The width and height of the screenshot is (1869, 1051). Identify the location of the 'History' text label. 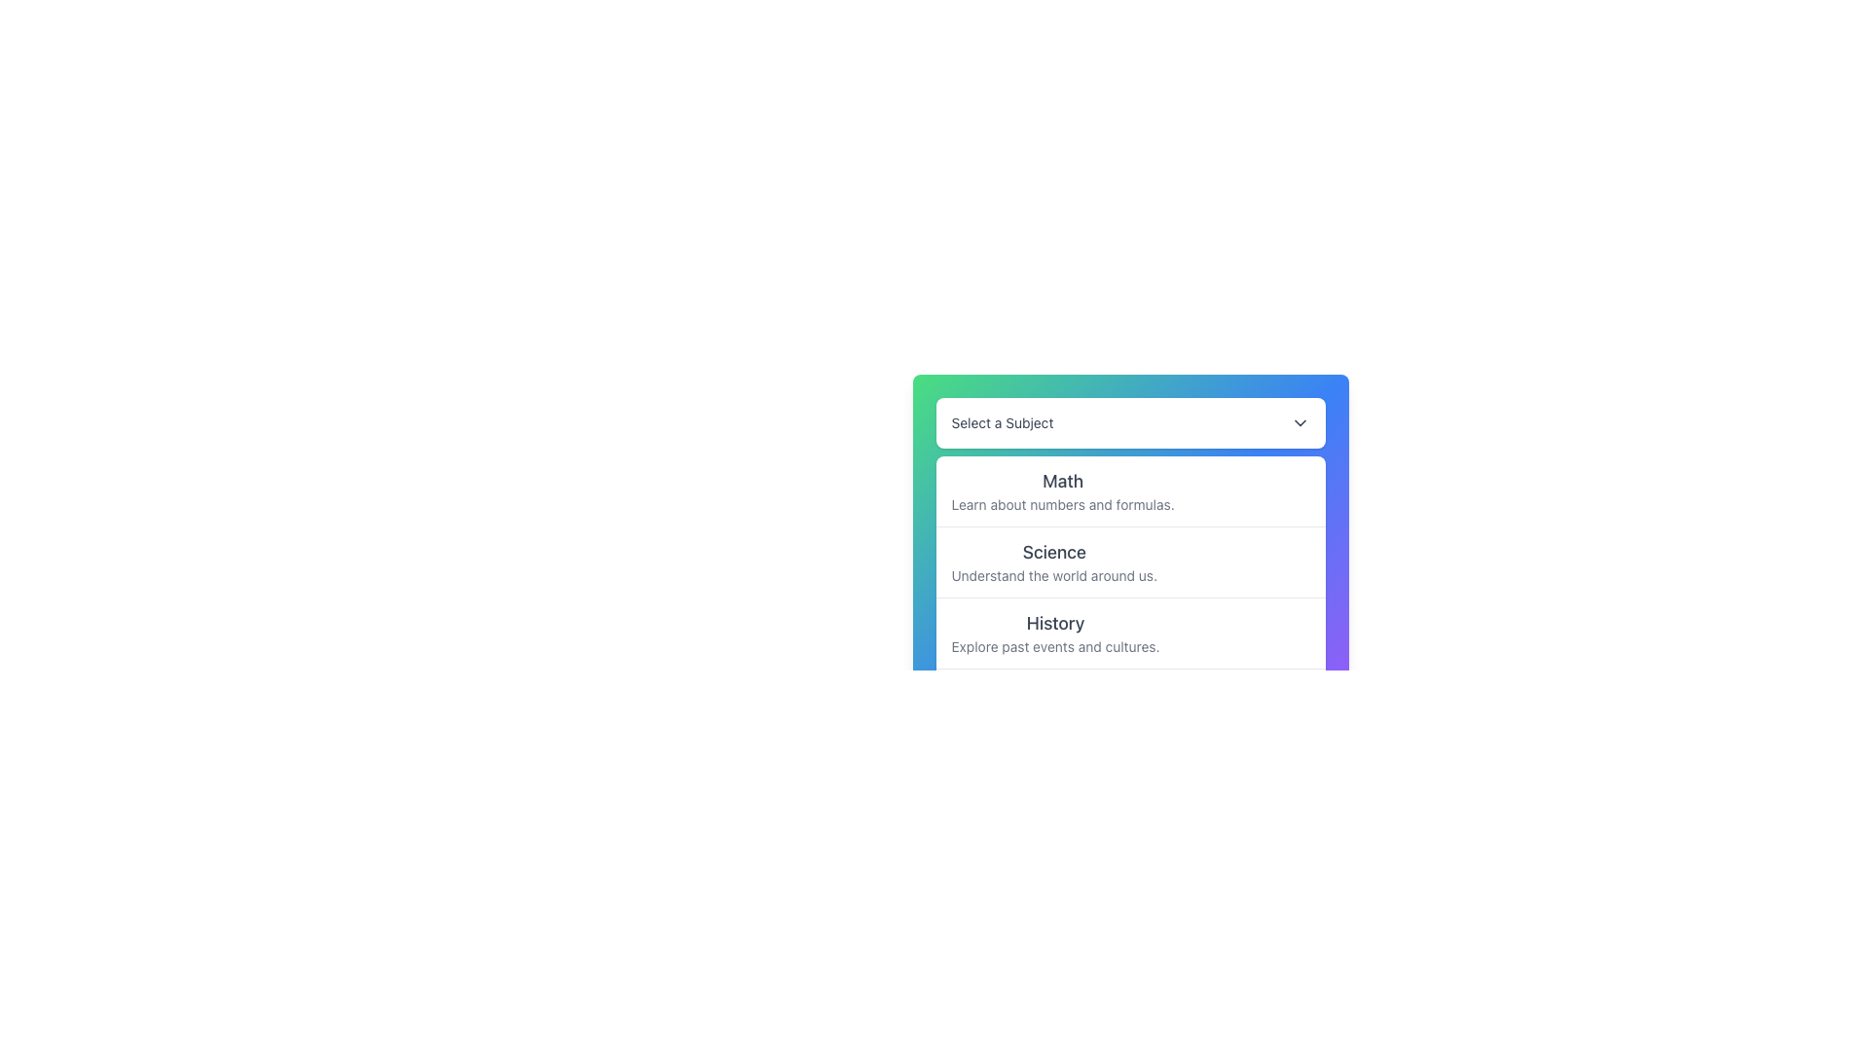
(1054, 623).